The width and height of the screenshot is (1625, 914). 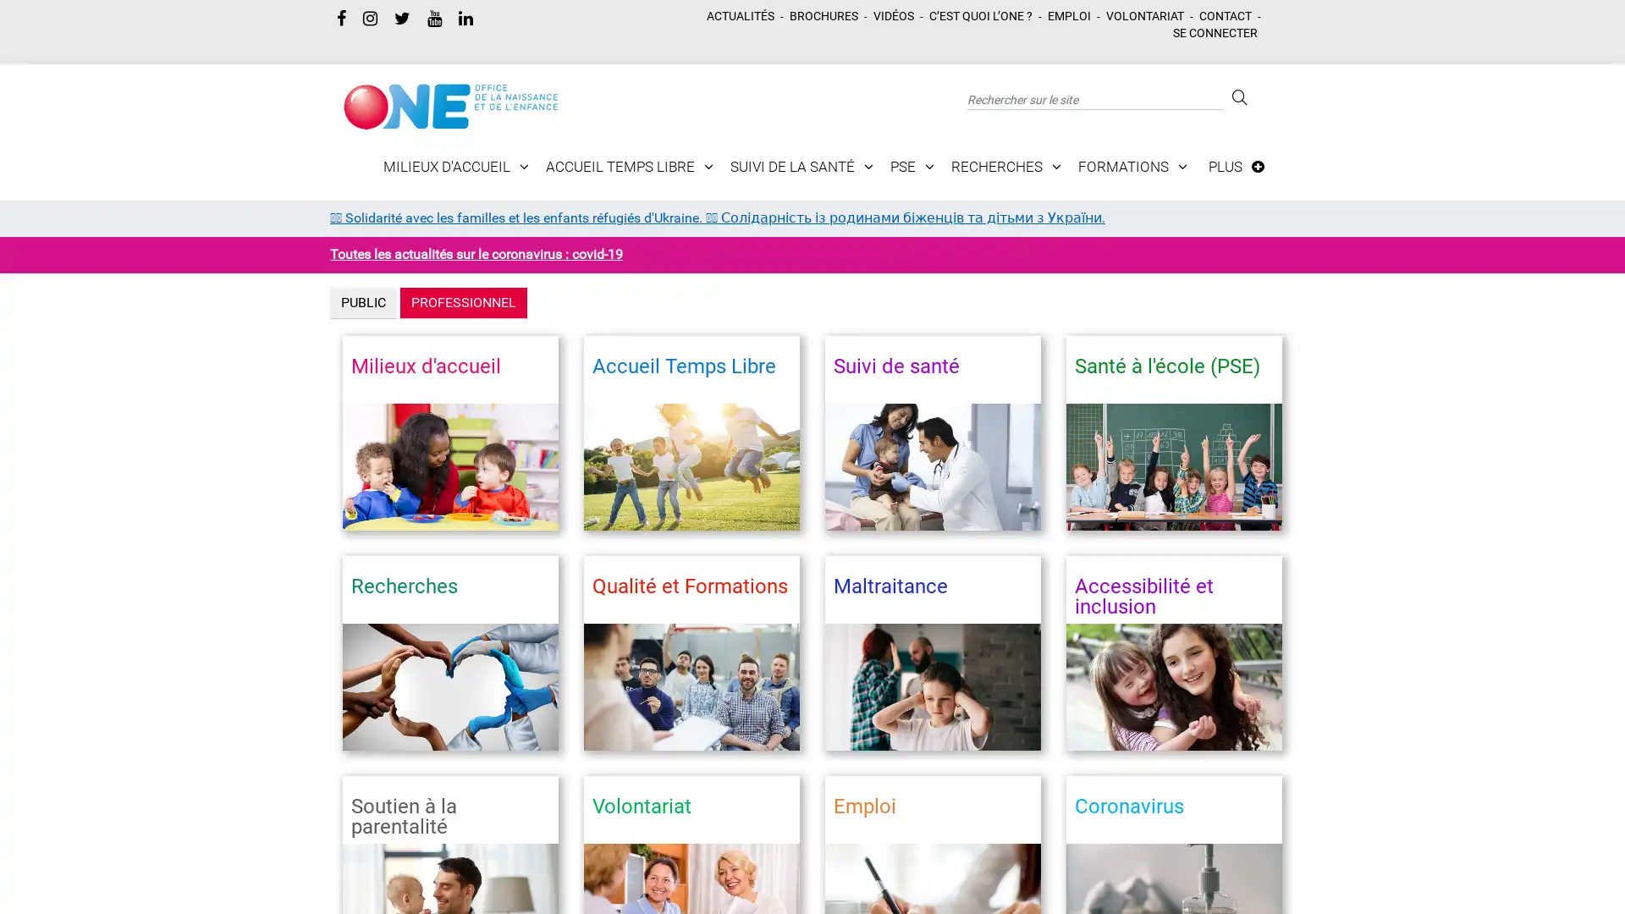 I want to click on Rechercher sur le site, so click(x=1237, y=97).